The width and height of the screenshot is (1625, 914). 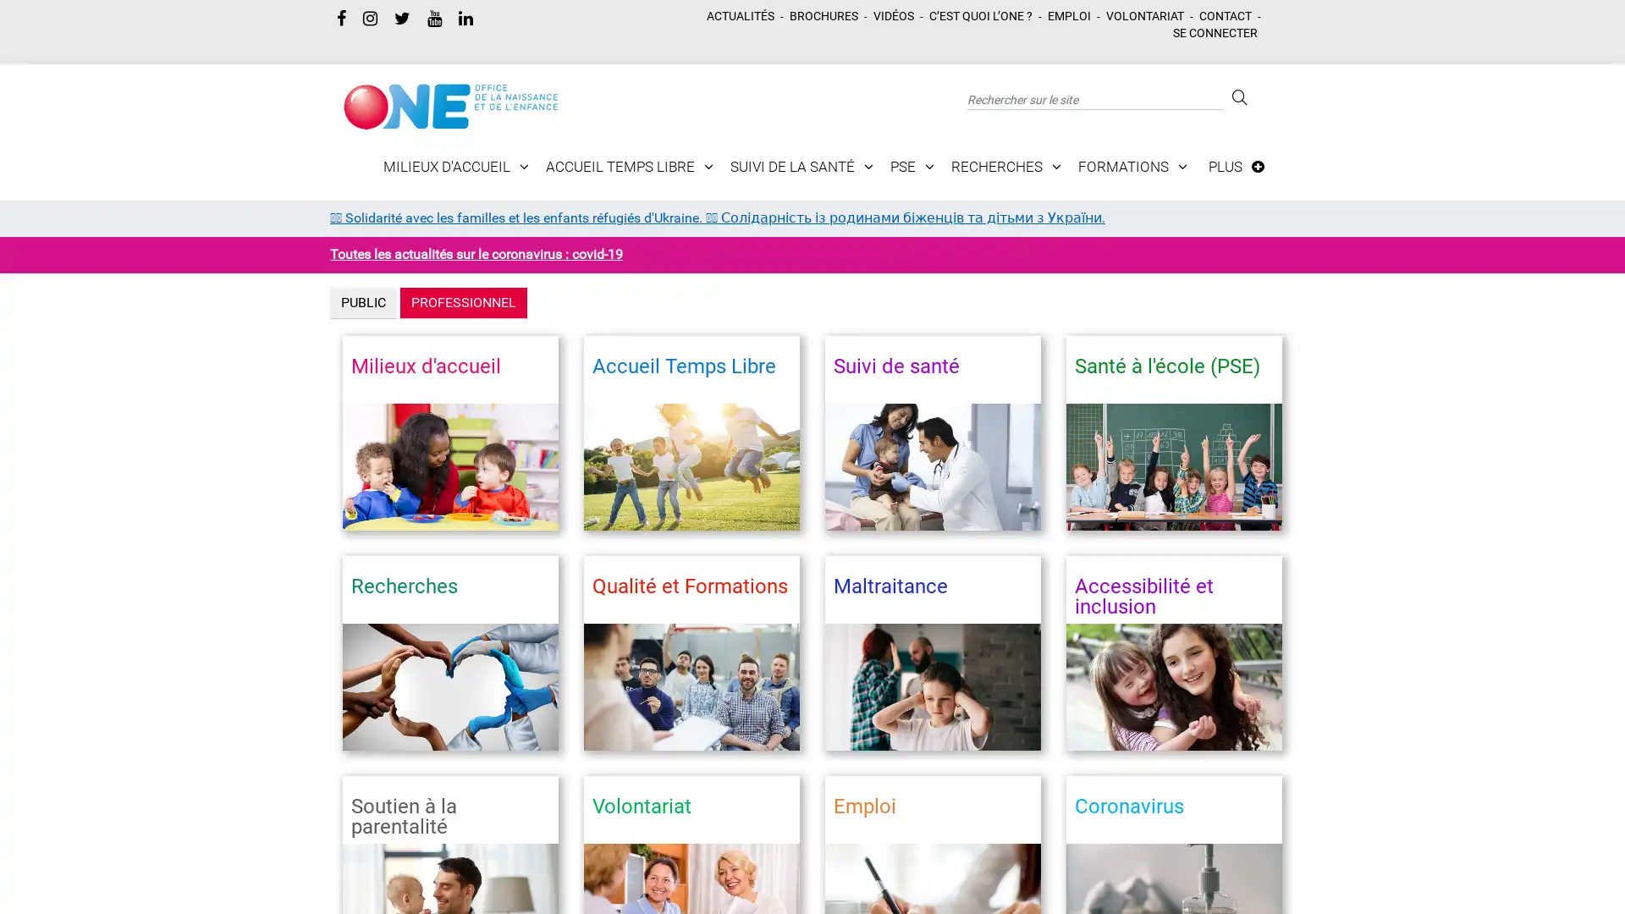 I want to click on Rechercher sur le site, so click(x=1237, y=97).